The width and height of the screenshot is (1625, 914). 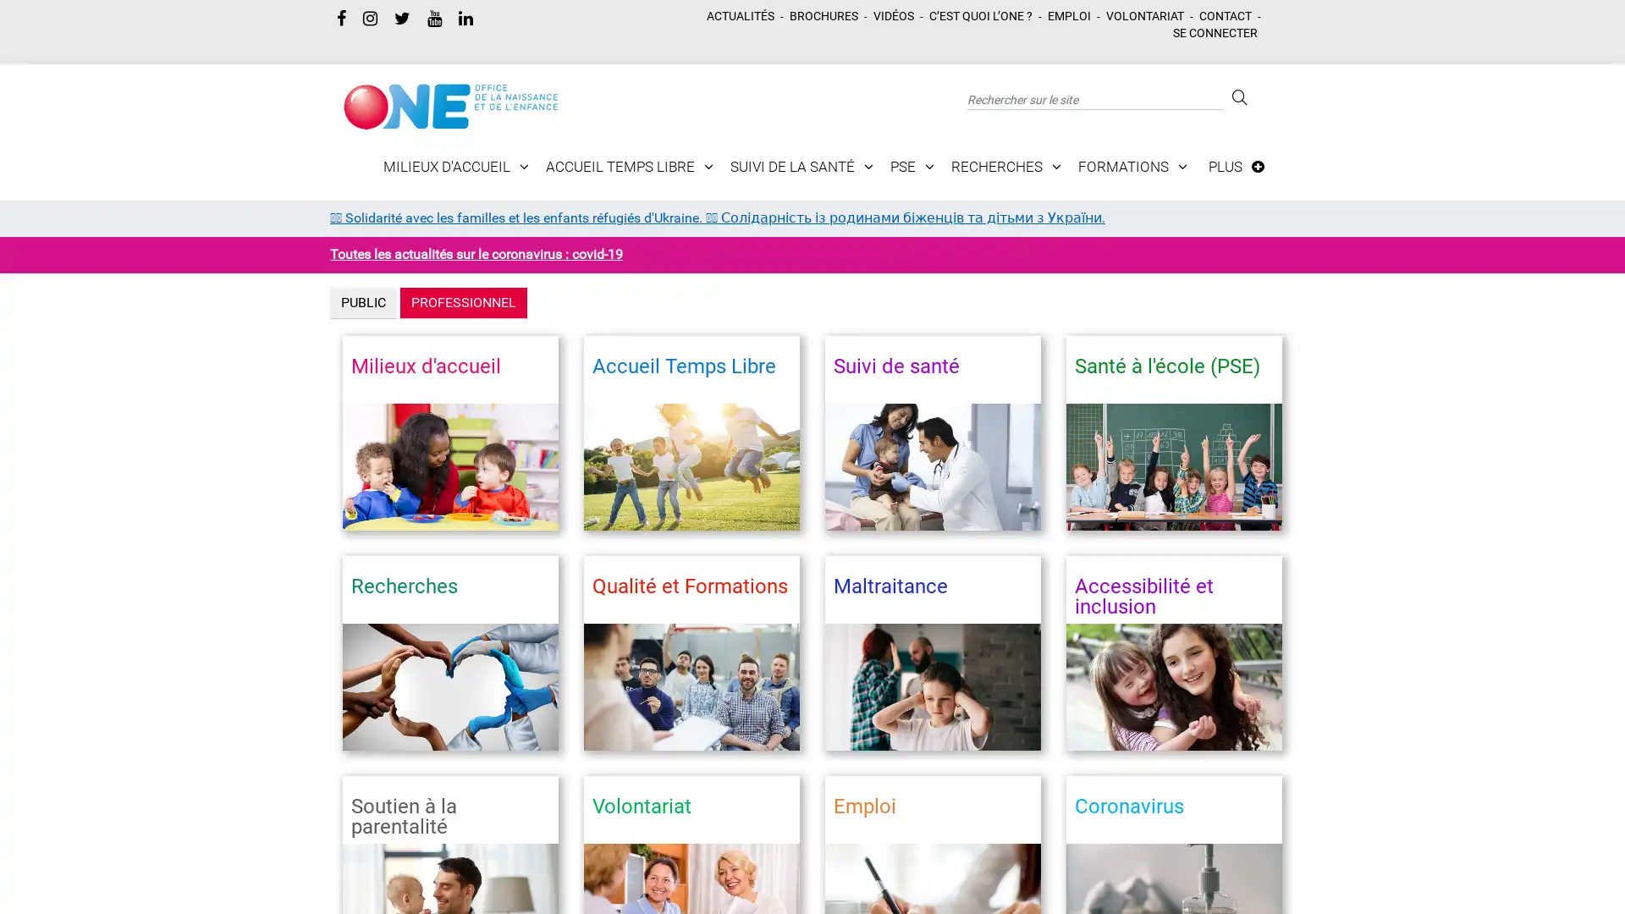 I want to click on Rechercher sur le site, so click(x=1237, y=97).